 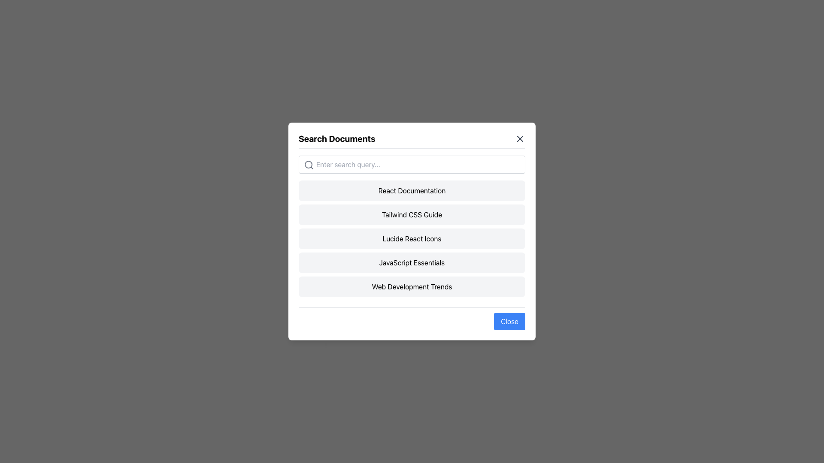 I want to click on the first button in the vertical list that provides access to React documentation, so click(x=412, y=190).